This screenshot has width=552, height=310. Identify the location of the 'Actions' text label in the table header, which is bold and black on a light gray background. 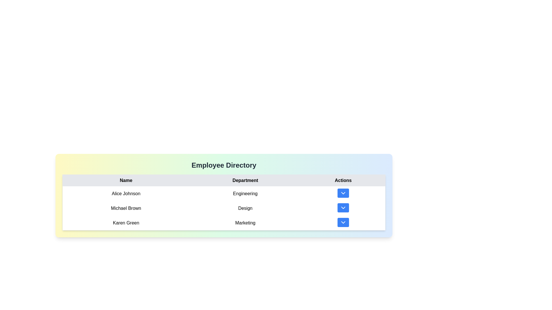
(343, 180).